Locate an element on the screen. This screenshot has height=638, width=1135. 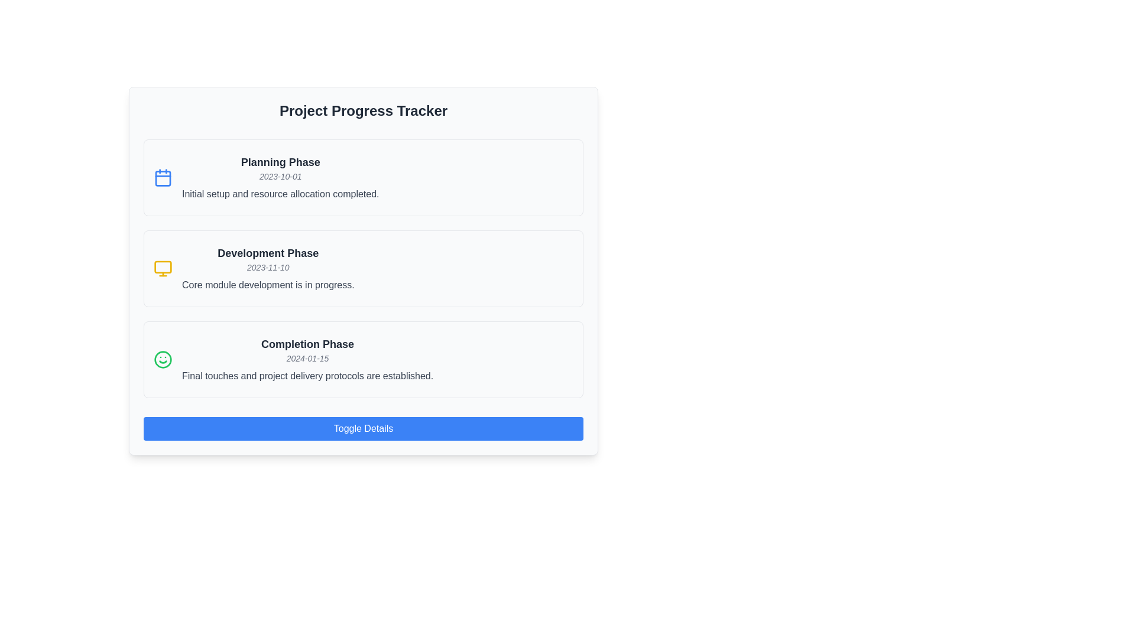
the Decorative SVG Shape that symbolizes a monitor in the 'Development Phase' section of the 'Project Progress Tracker' interface is located at coordinates (162, 266).